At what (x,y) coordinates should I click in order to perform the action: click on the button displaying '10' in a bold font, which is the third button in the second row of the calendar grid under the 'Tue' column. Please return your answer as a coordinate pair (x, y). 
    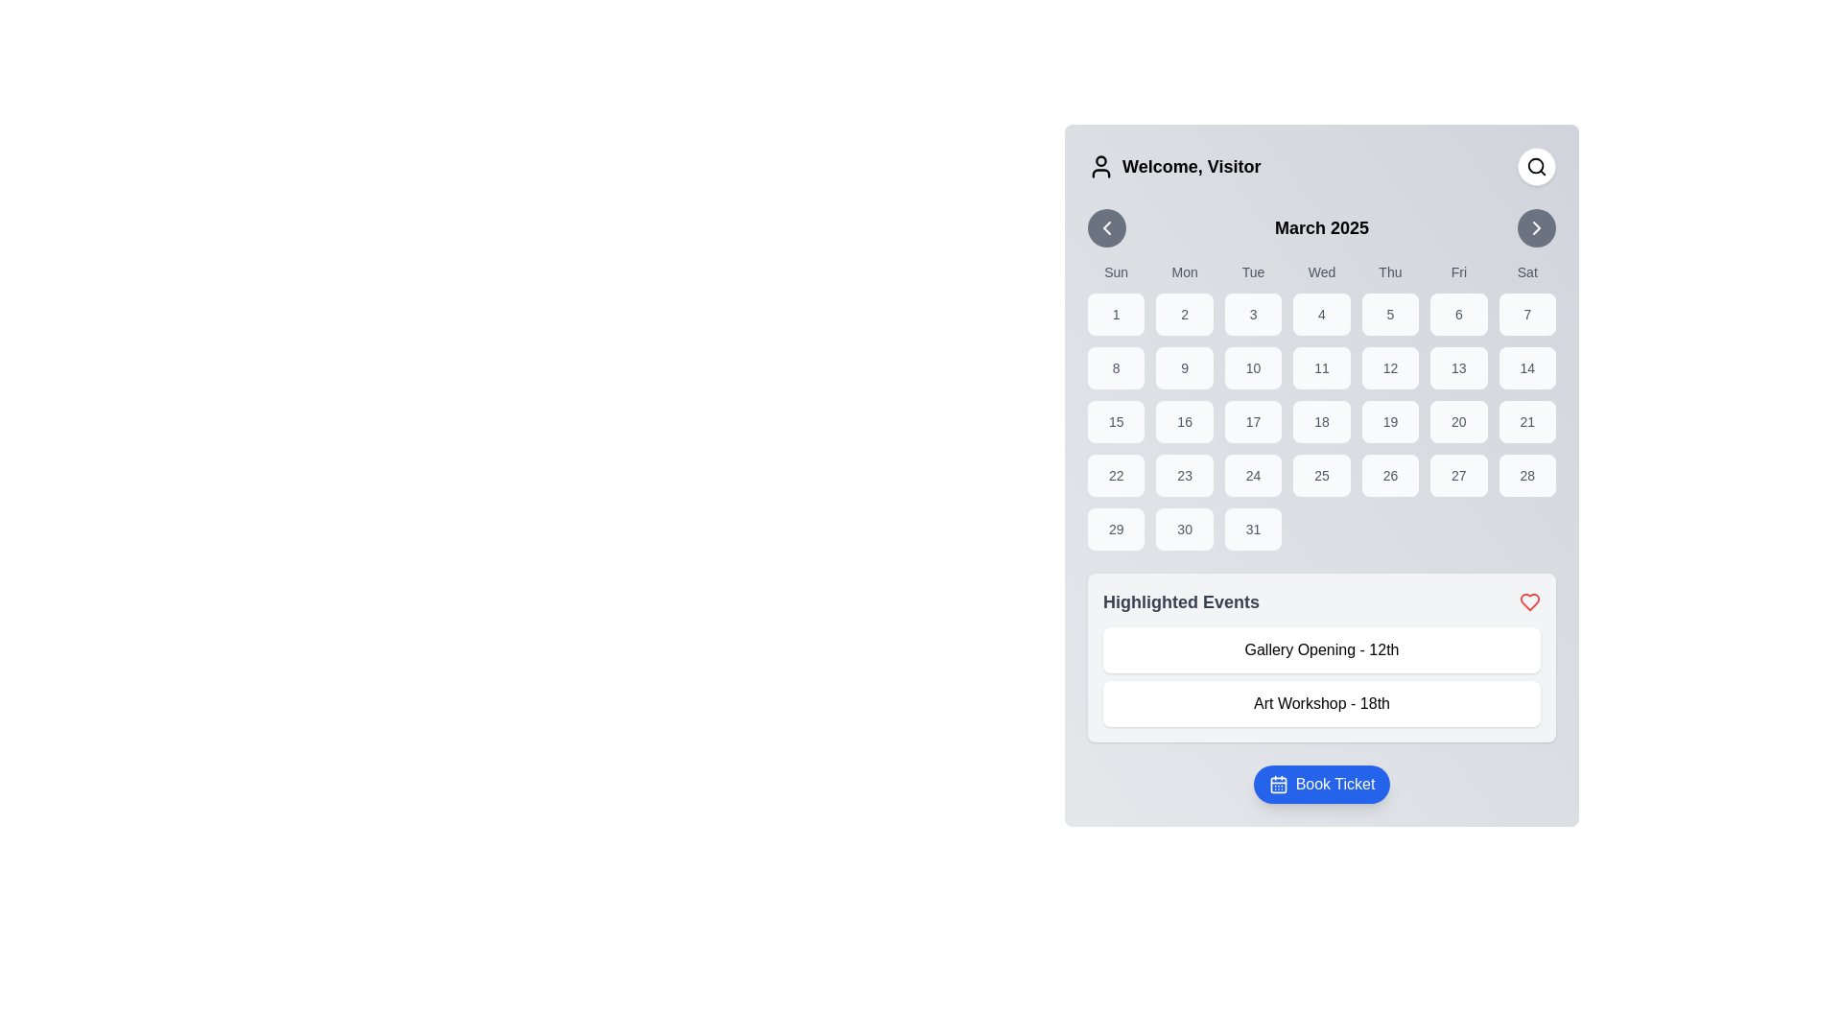
    Looking at the image, I should click on (1253, 368).